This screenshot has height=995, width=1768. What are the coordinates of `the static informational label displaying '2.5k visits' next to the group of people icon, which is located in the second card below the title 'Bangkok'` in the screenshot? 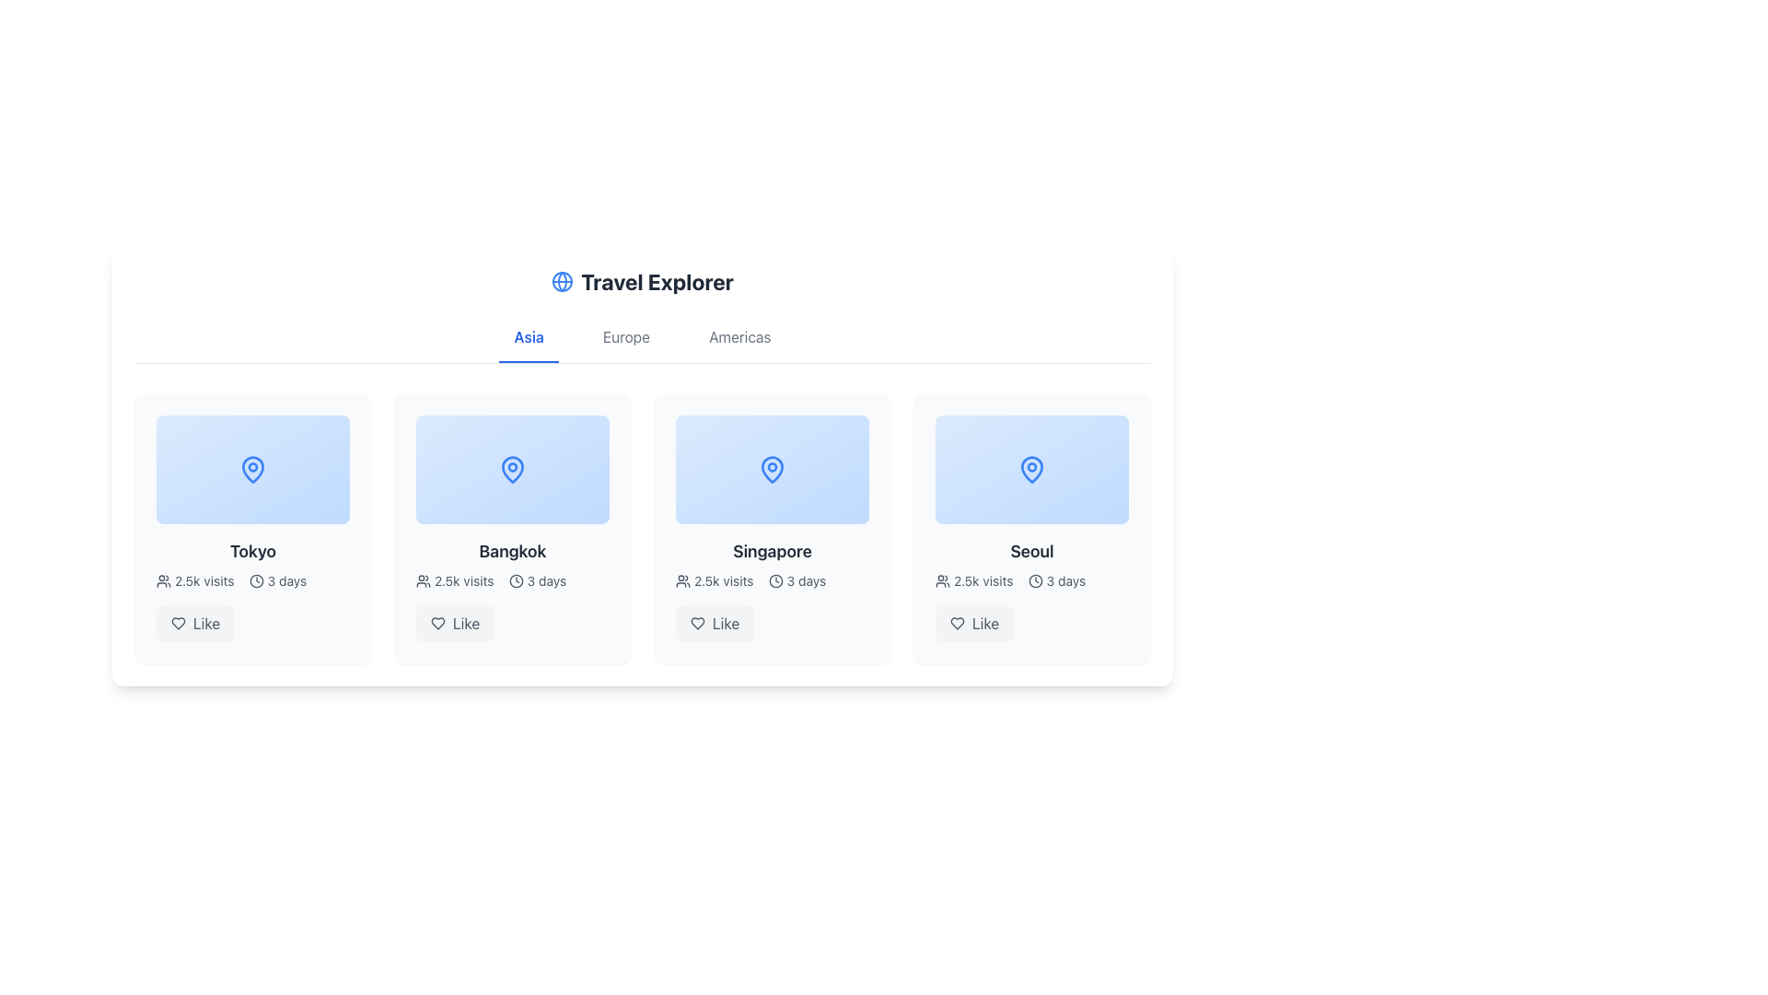 It's located at (455, 581).